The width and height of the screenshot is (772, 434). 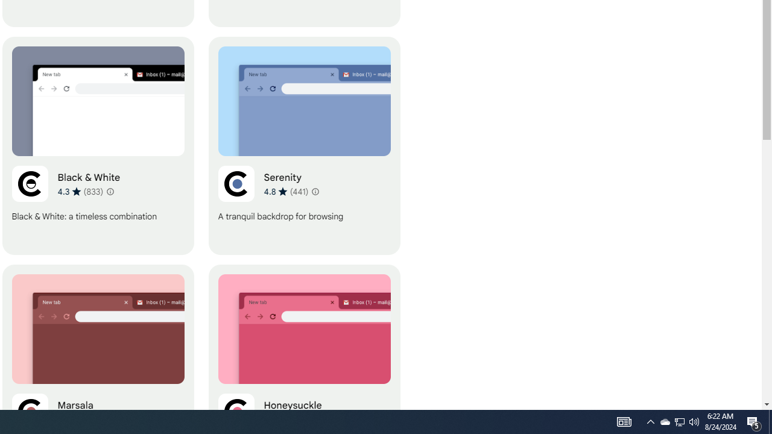 What do you see at coordinates (110, 190) in the screenshot?
I see `'Learn more about results and reviews "Black & White"'` at bounding box center [110, 190].